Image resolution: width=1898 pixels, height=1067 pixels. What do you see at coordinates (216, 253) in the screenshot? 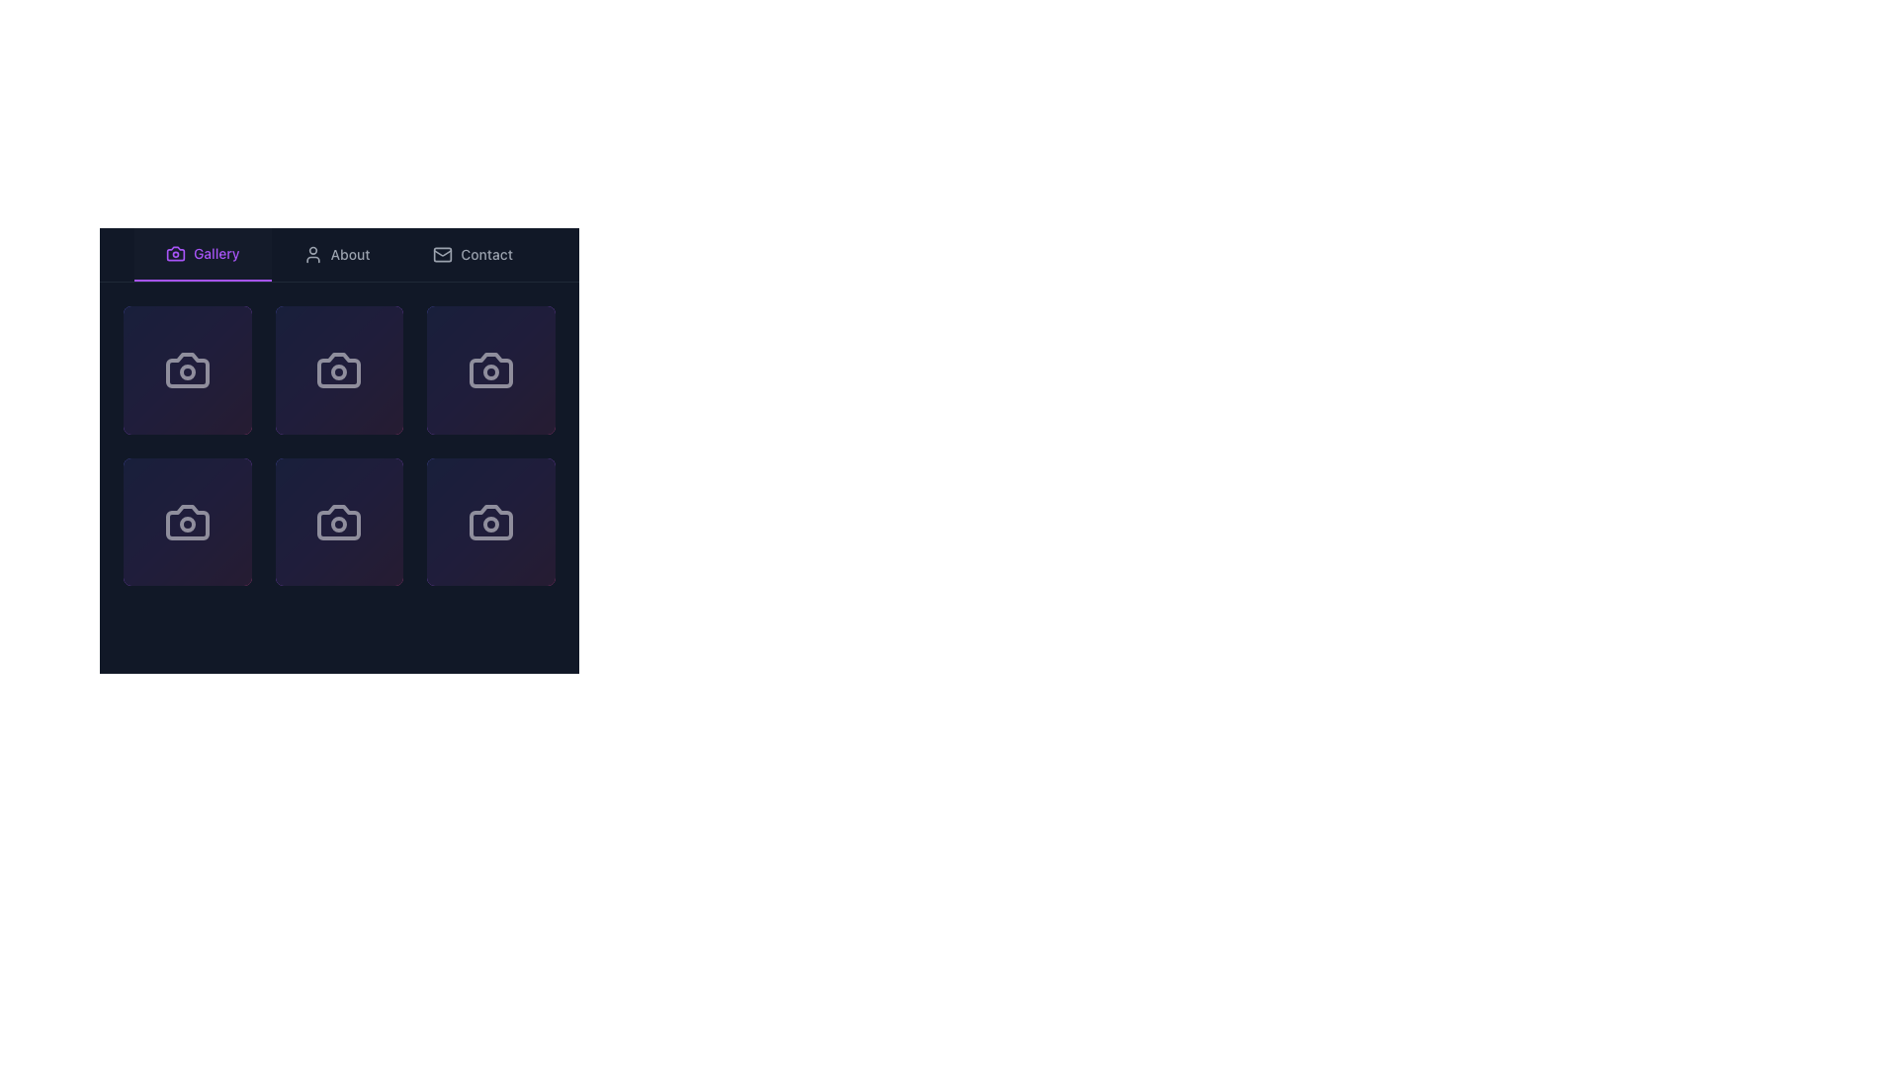
I see `'Gallery' navigation label located in the horizontal navigation bar, positioned to the right of the camera icon and to the left of the 'About' and 'Contact' options` at bounding box center [216, 253].